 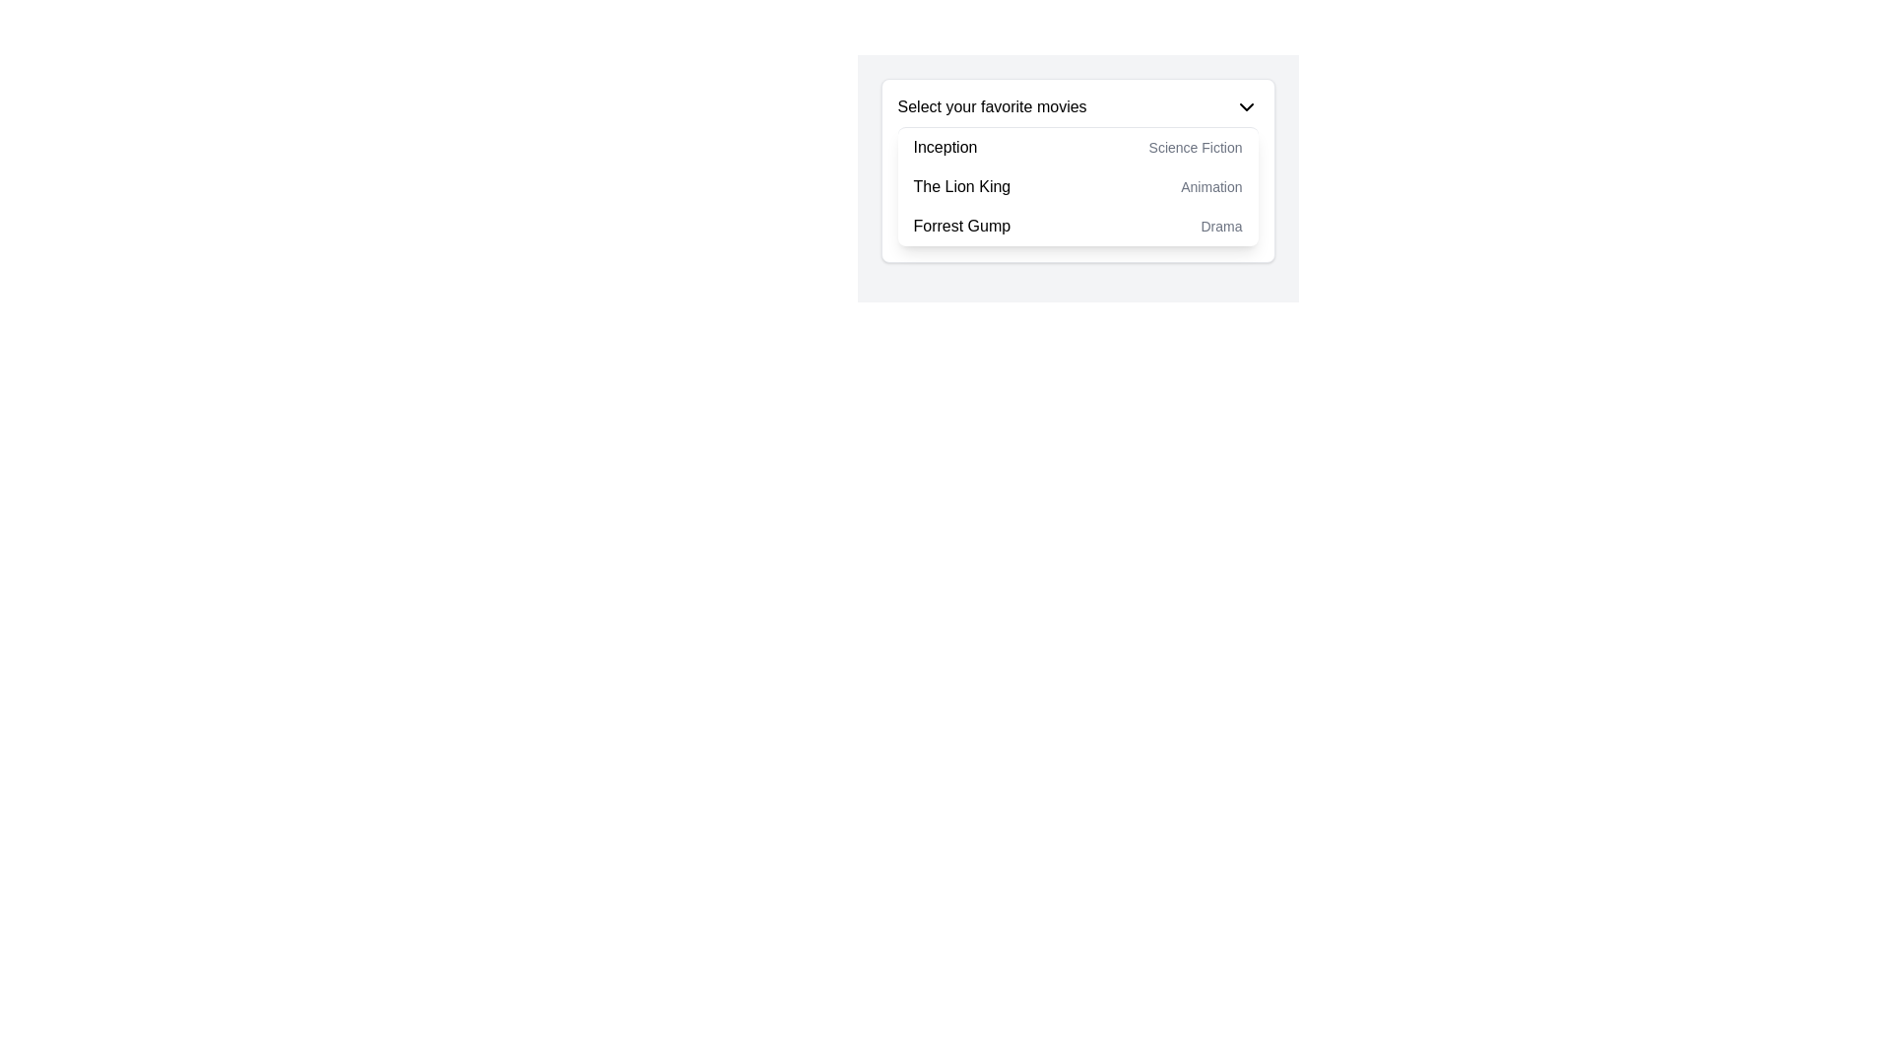 I want to click on the static text label that describes the genre 'Drama' for the 'Forrest Gump' list item in the dropdown menu labeled 'Select your favorite movies', so click(x=1220, y=226).